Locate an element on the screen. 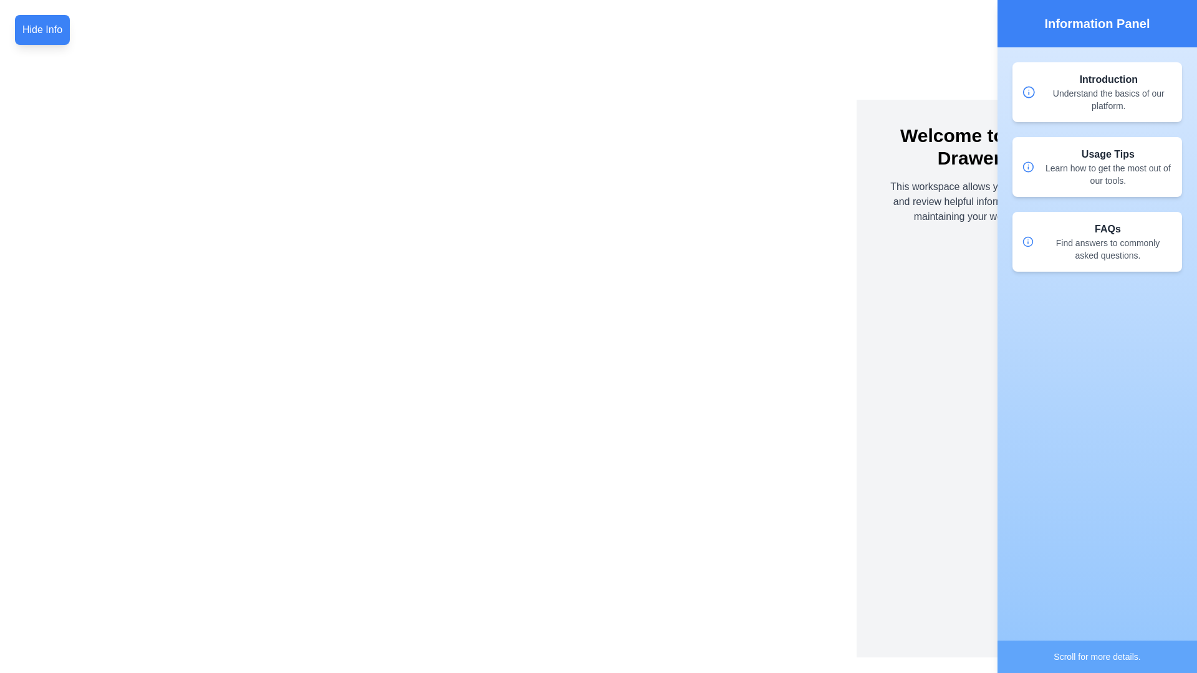 This screenshot has width=1197, height=673. the circular SVG element with a blue outline located in the 'Information Panel' section, which serves as the background for the info icon adjacent to the 'FAQs' label is located at coordinates (1029, 91).